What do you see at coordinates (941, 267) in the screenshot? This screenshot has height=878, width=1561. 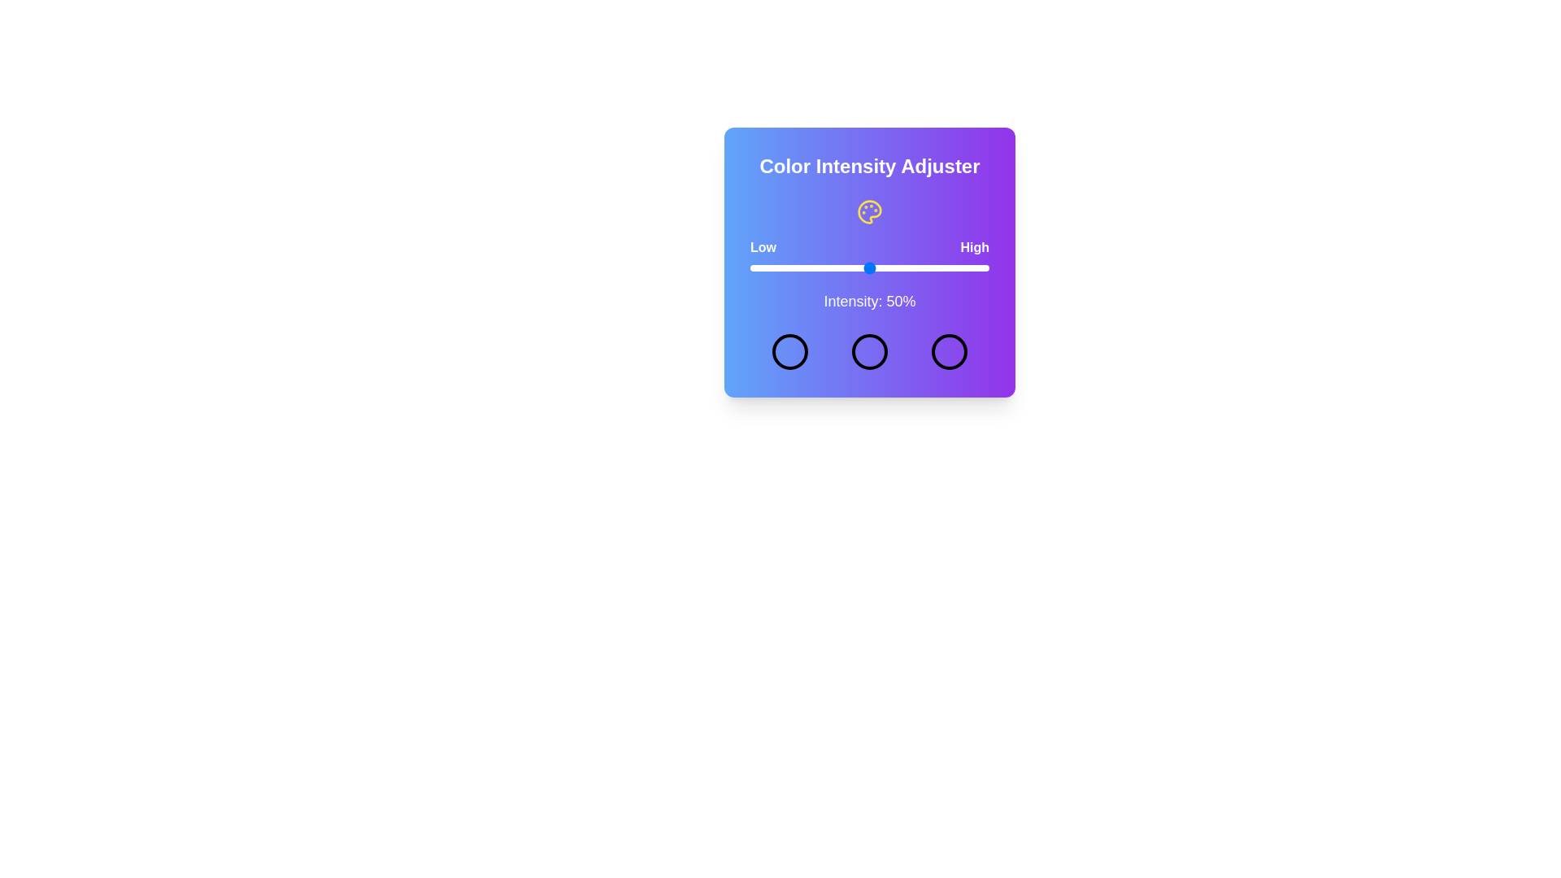 I see `the slider to set the intensity to 80%` at bounding box center [941, 267].